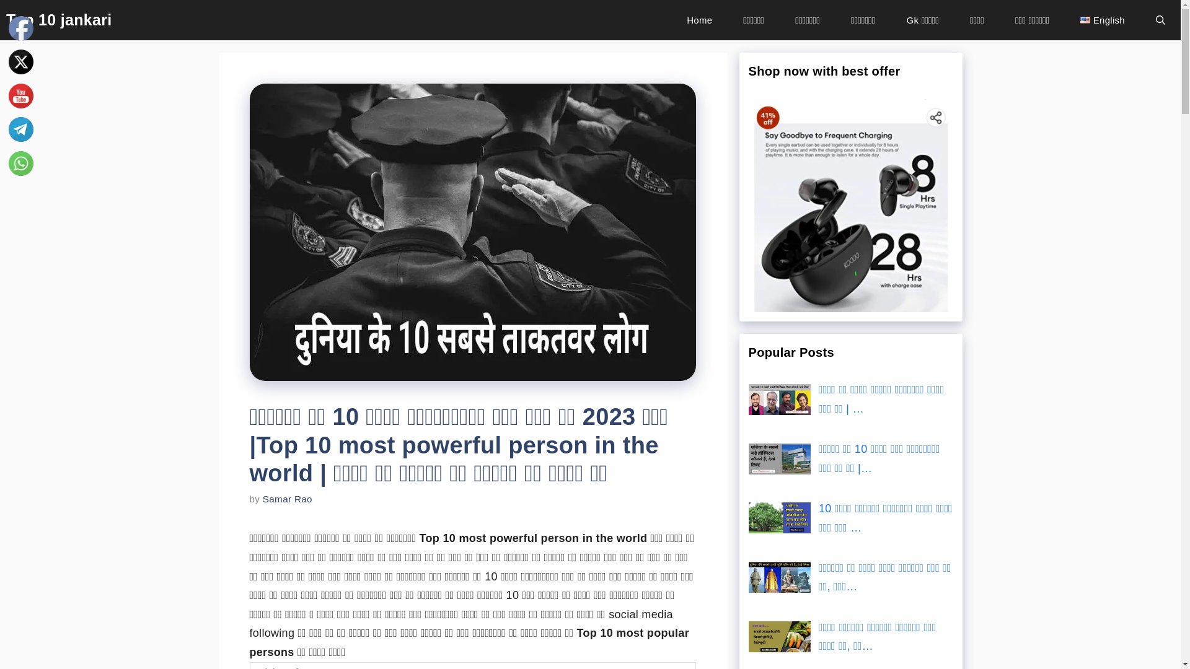 This screenshot has width=1190, height=669. What do you see at coordinates (1103, 20) in the screenshot?
I see `'English'` at bounding box center [1103, 20].